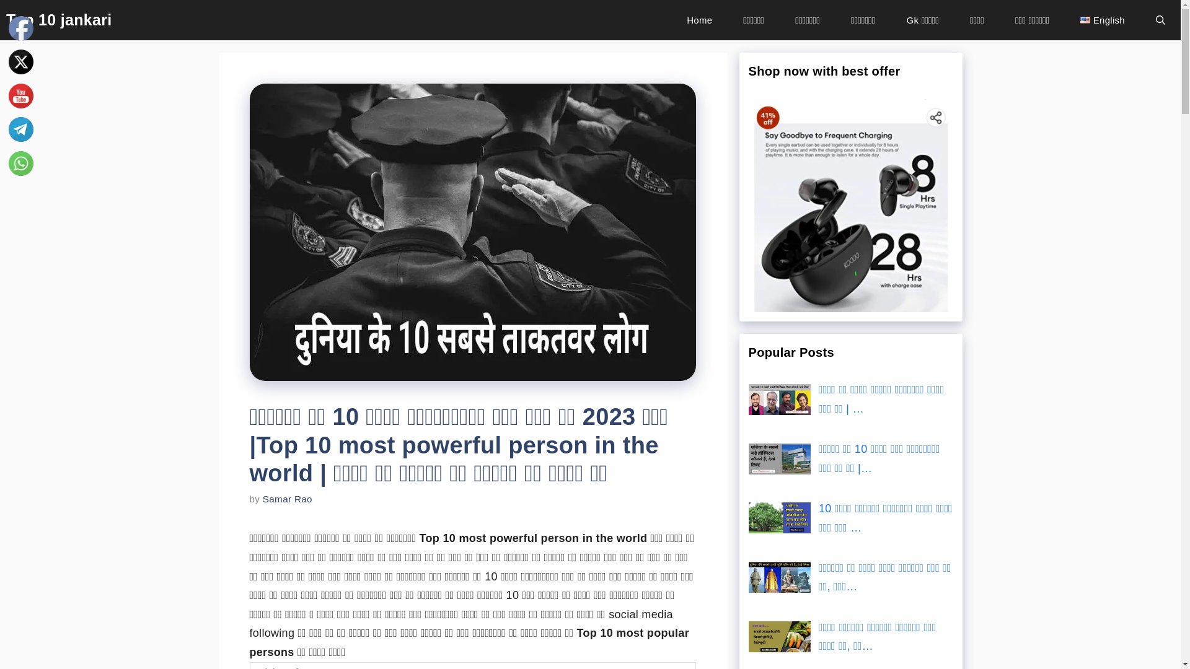 This screenshot has width=1190, height=669. What do you see at coordinates (1103, 20) in the screenshot?
I see `'English'` at bounding box center [1103, 20].